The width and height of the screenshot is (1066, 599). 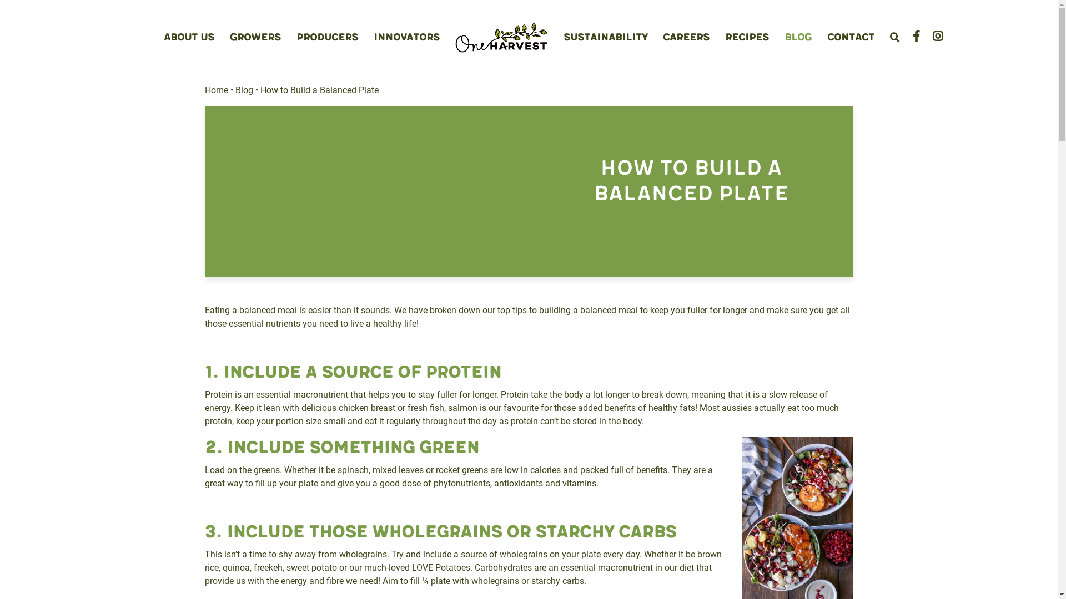 What do you see at coordinates (501, 37) in the screenshot?
I see `'HOME'` at bounding box center [501, 37].